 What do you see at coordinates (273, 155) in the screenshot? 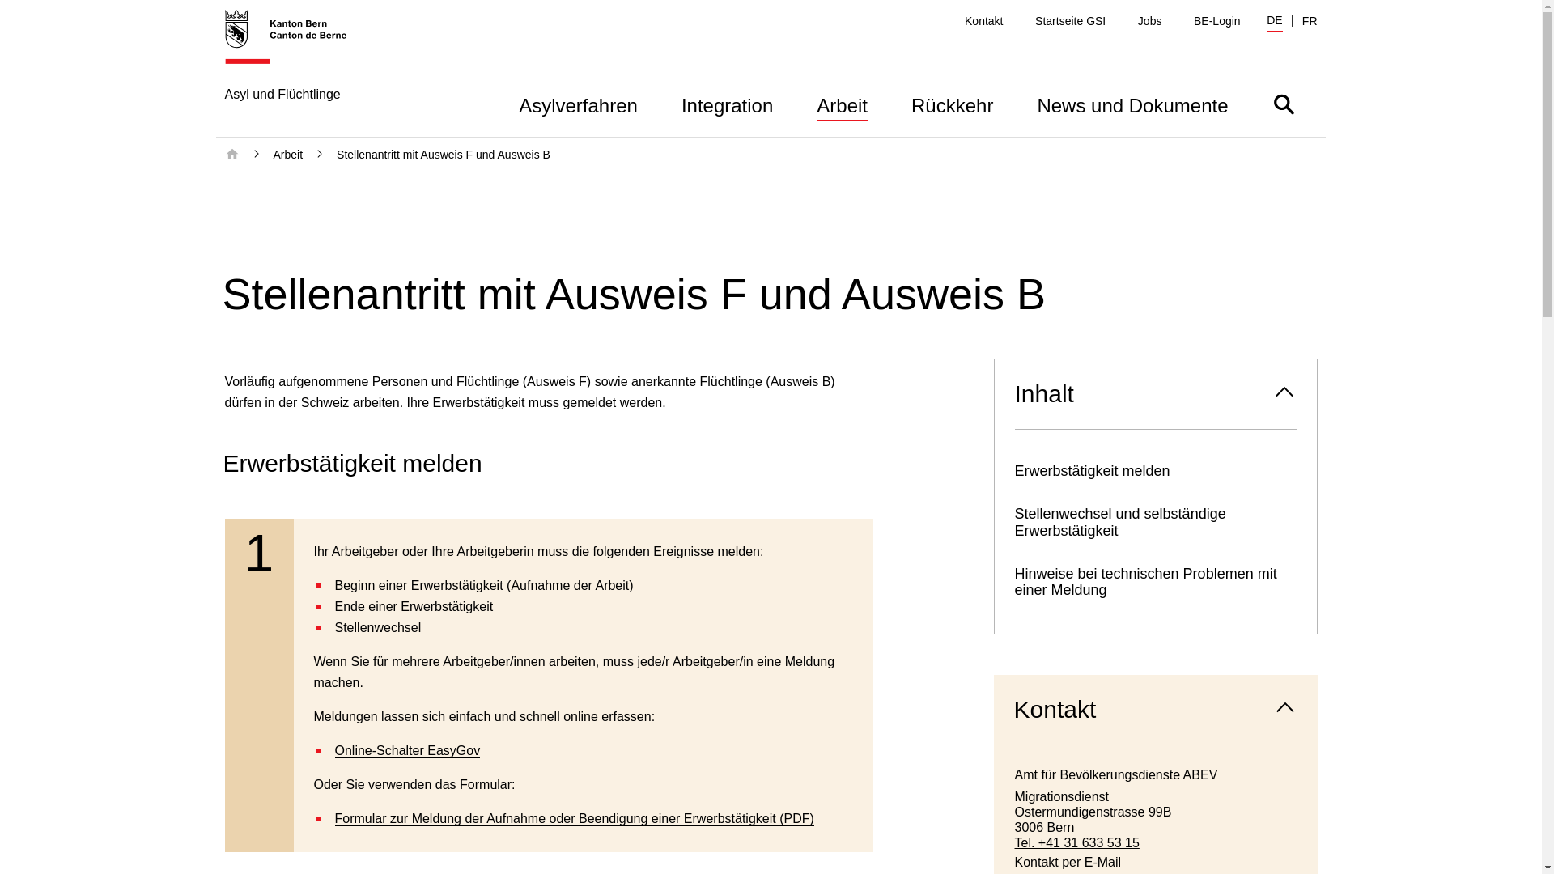
I see `'Arbeit'` at bounding box center [273, 155].